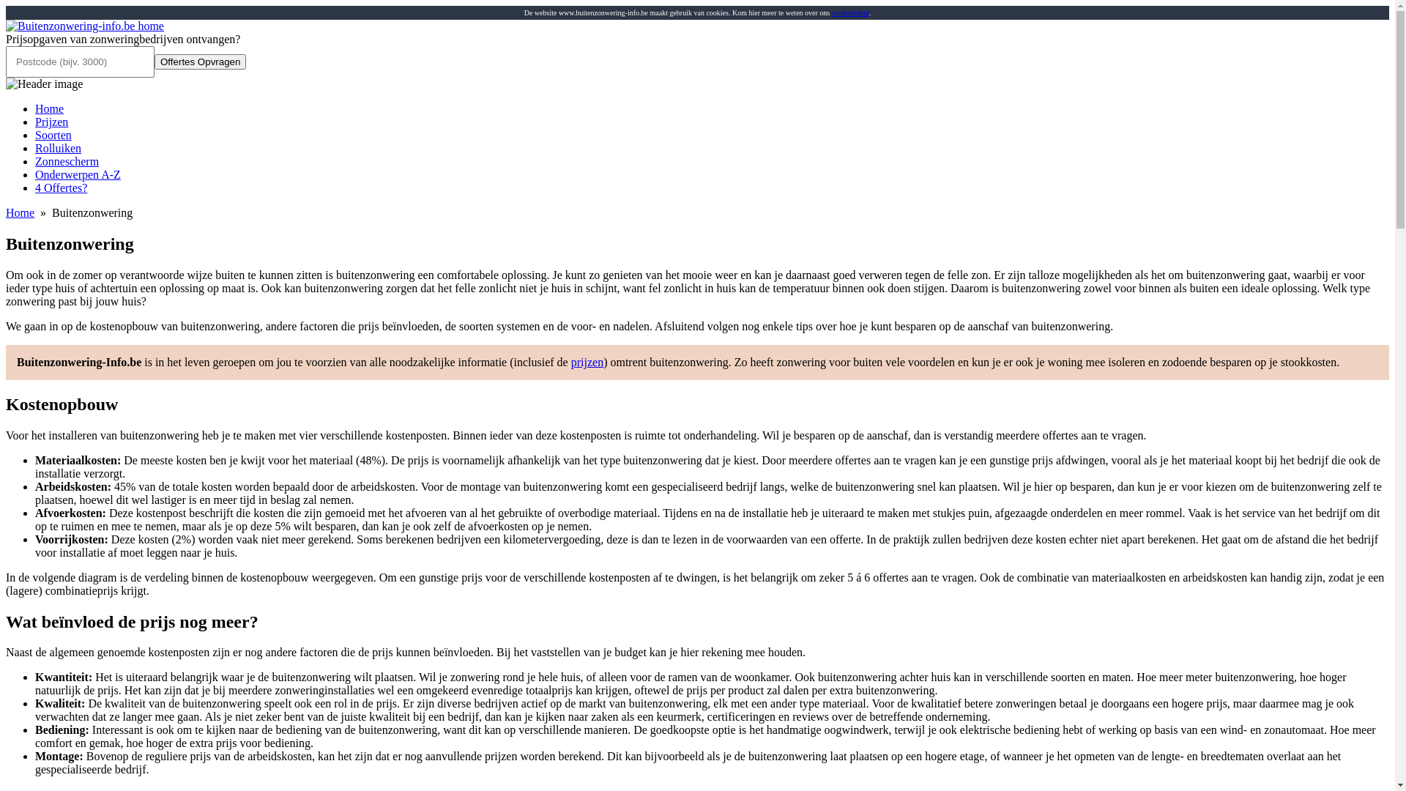 This screenshot has height=791, width=1406. I want to click on 'Onderwerpen A-Z', so click(35, 174).